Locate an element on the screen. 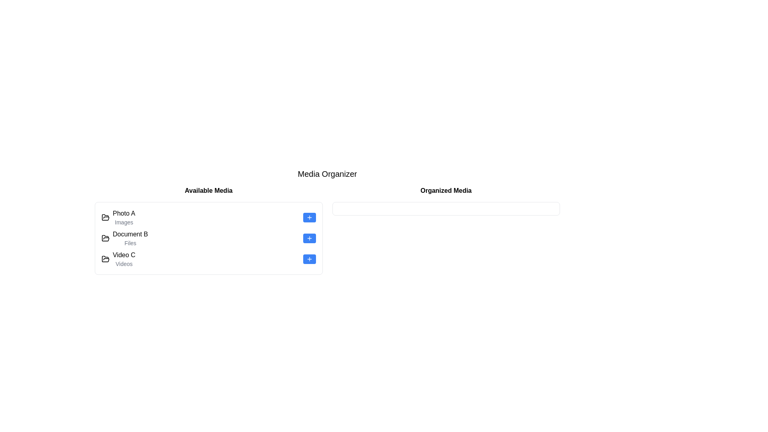  the Label with the folder icon representing 'Document B' in the 'Available Media' section, which is the second item in the vertical list of media categories is located at coordinates (124, 238).